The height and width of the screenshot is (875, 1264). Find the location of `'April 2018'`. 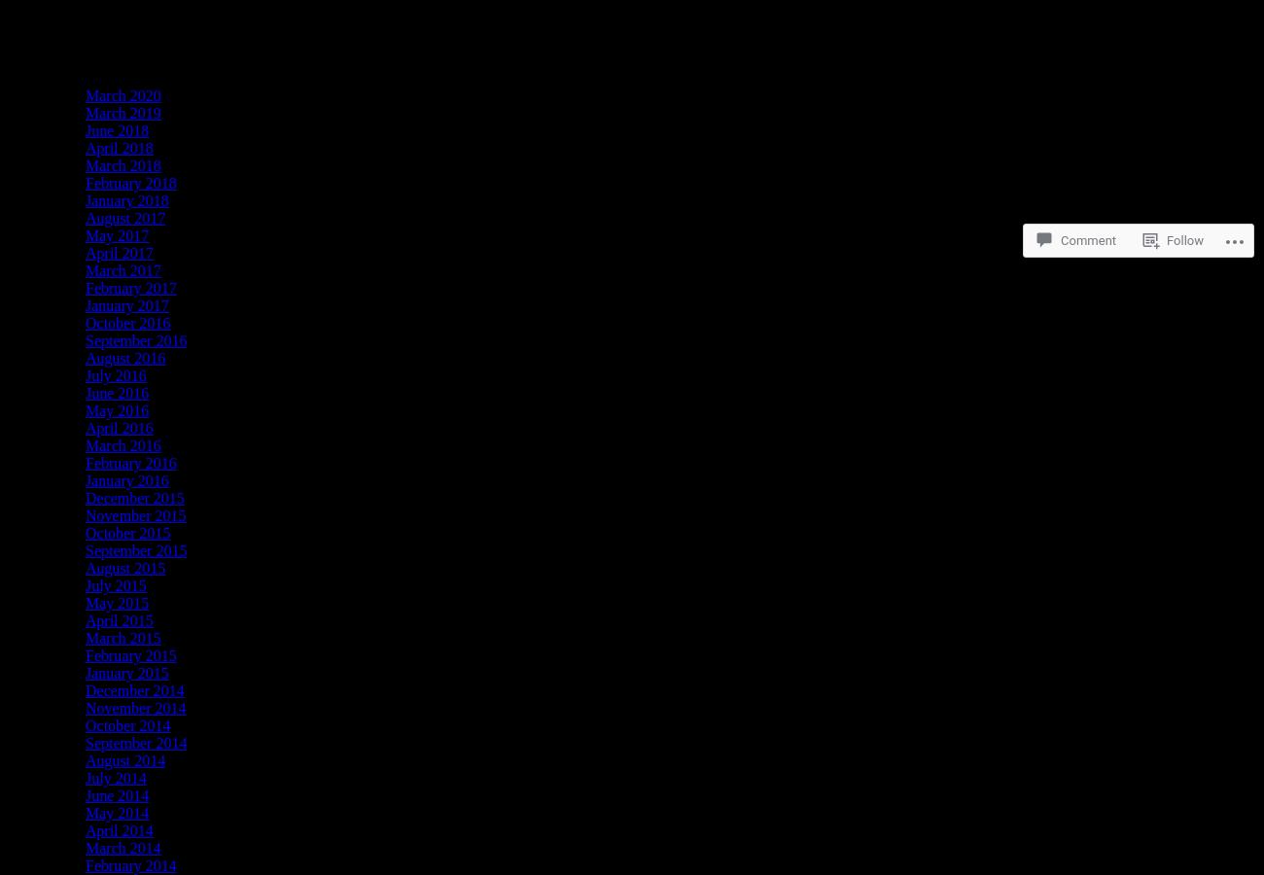

'April 2018' is located at coordinates (118, 148).